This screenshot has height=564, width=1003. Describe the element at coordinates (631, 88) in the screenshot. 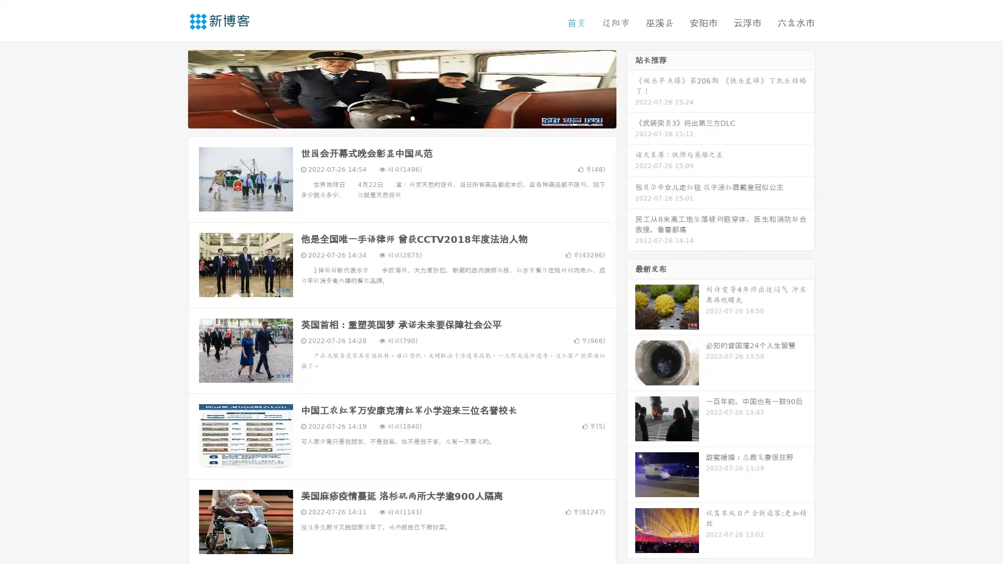

I see `Next slide` at that location.